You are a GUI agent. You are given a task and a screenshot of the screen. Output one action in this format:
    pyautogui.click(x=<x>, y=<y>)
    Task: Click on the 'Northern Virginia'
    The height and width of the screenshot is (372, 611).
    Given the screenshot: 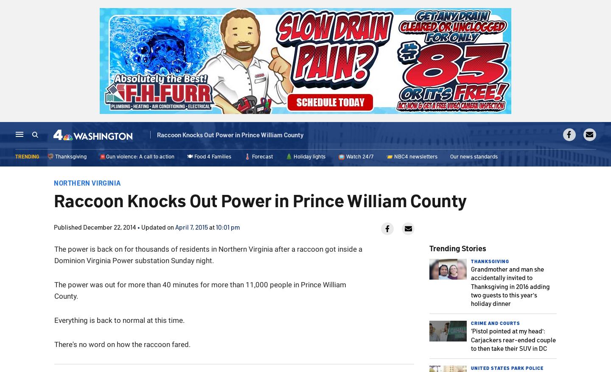 What is the action you would take?
    pyautogui.click(x=87, y=183)
    